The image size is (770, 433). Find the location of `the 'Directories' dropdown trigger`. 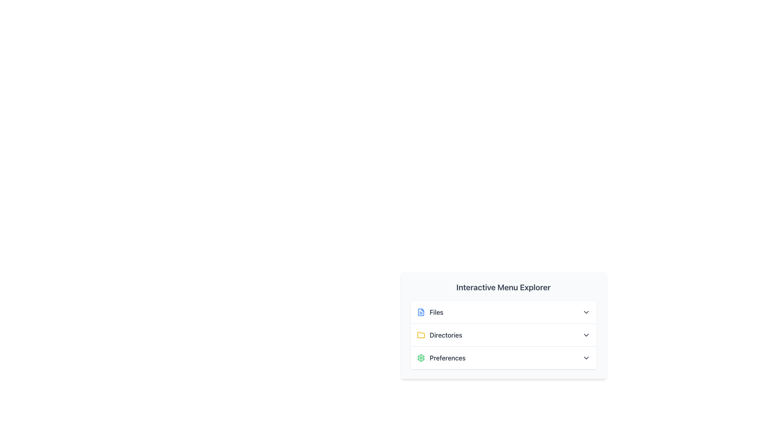

the 'Directories' dropdown trigger is located at coordinates (503, 335).